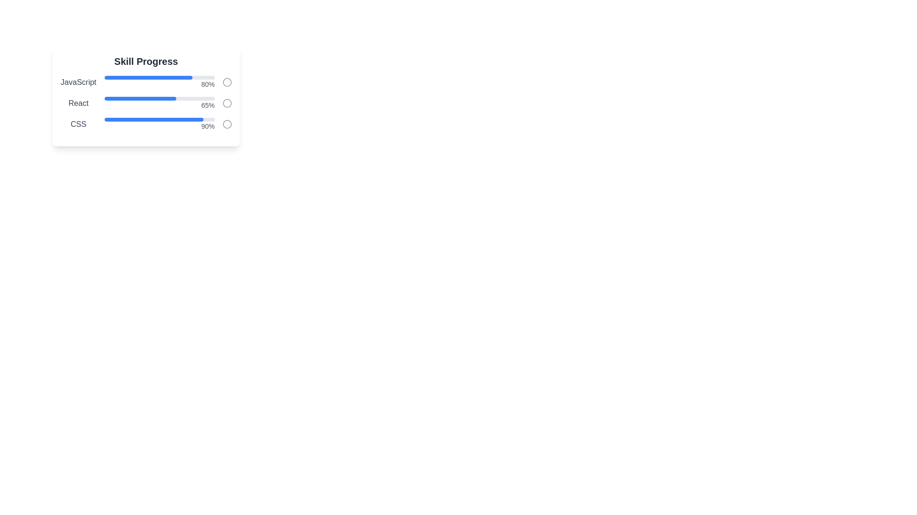  Describe the element at coordinates (226, 103) in the screenshot. I see `the second Circle SVG graphic indicator associated with the skill 'React'` at that location.